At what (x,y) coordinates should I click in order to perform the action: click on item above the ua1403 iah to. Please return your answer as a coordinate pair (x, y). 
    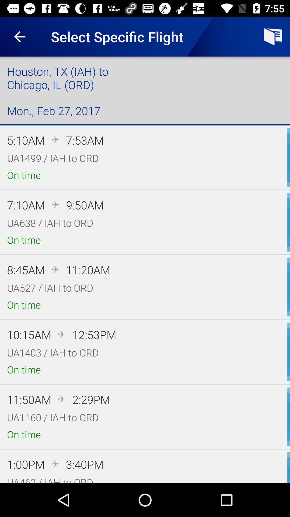
    Looking at the image, I should click on (29, 334).